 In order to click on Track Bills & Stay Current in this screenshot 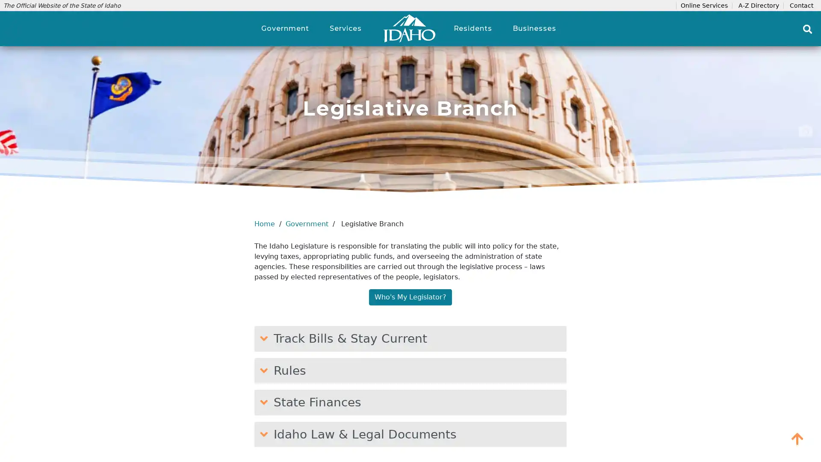, I will do `click(410, 338)`.